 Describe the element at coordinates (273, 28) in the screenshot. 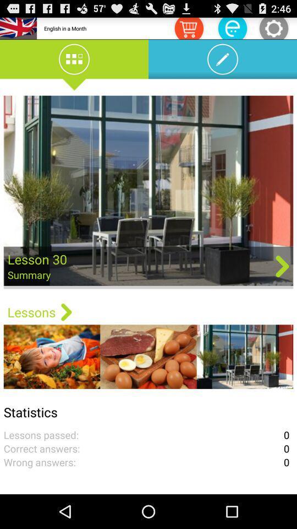

I see `access settings` at that location.